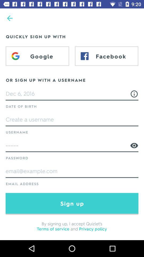 Image resolution: width=144 pixels, height=257 pixels. What do you see at coordinates (37, 56) in the screenshot?
I see `the icon below the quickly sign up` at bounding box center [37, 56].